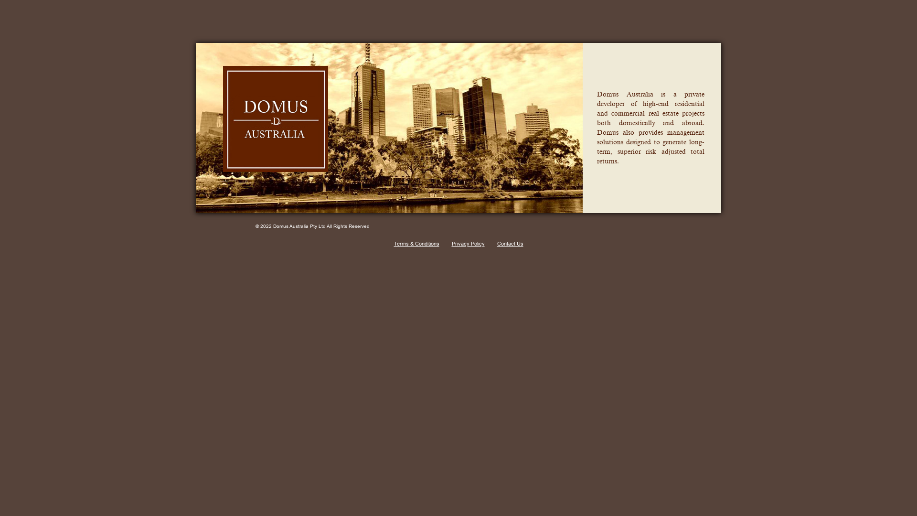 The height and width of the screenshot is (516, 917). What do you see at coordinates (394, 243) in the screenshot?
I see `'Terms & Conditions'` at bounding box center [394, 243].